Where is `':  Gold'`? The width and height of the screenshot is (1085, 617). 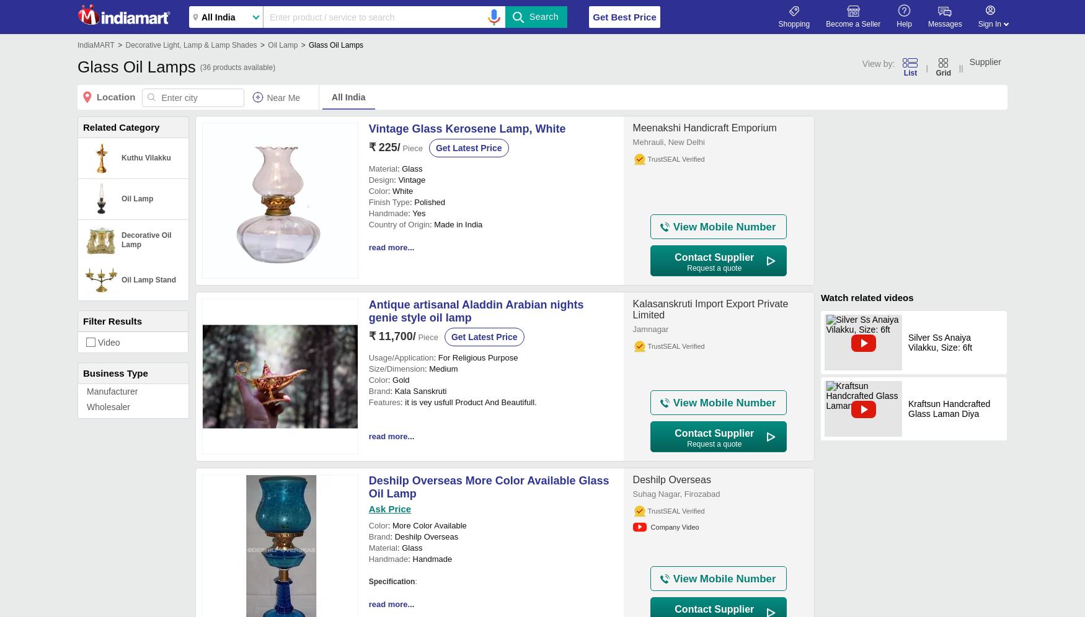
':  Gold' is located at coordinates (397, 380).